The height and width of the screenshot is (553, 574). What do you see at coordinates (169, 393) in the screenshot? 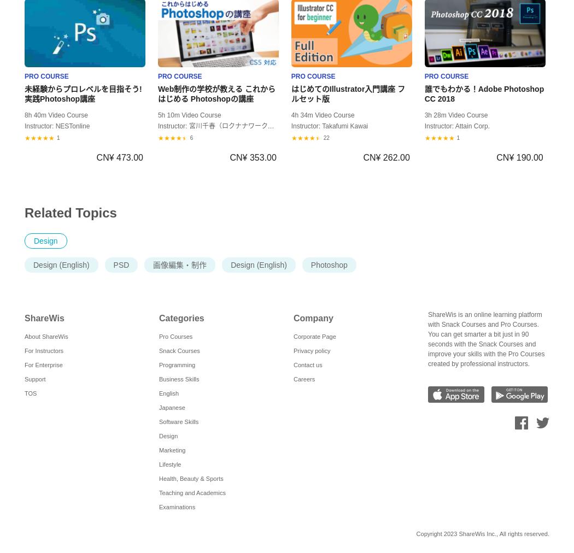
I see `'English'` at bounding box center [169, 393].